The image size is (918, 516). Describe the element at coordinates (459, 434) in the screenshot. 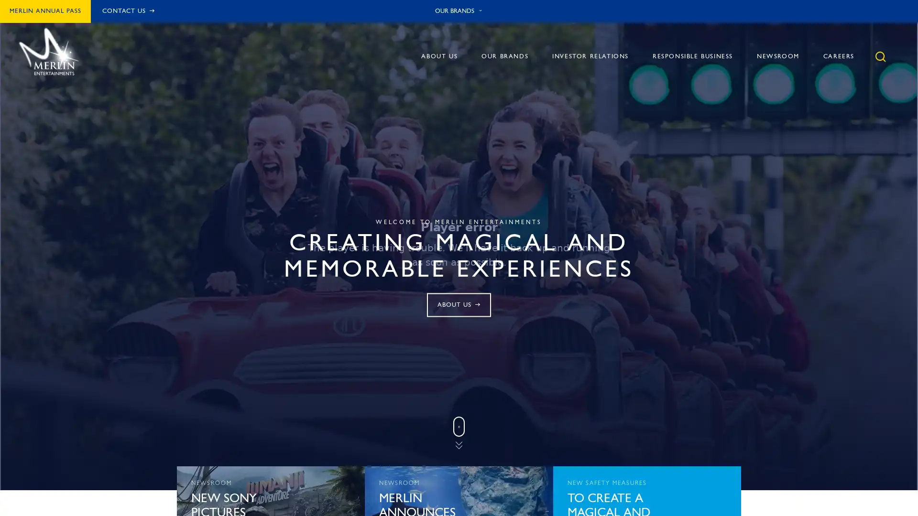

I see `wheel for scroll btn banner arrow for scroll banner arrow for scroll` at that location.